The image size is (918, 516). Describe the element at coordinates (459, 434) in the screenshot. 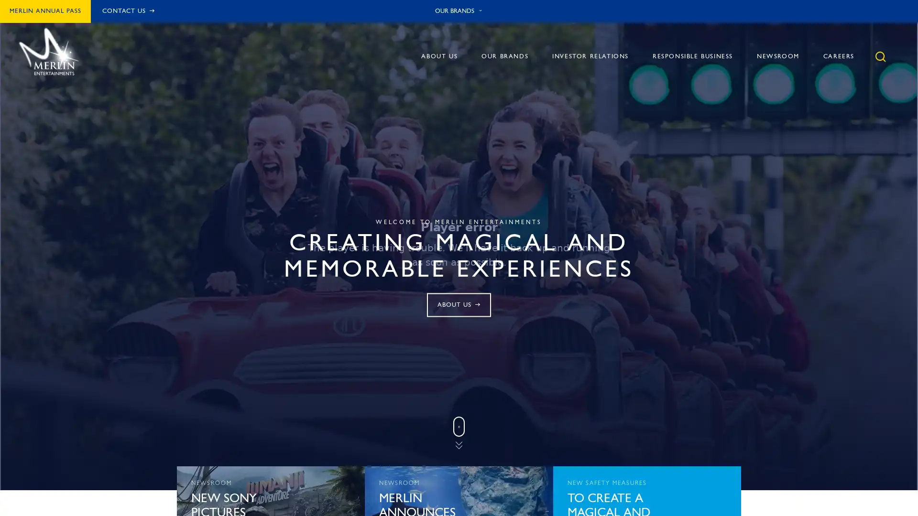

I see `wheel for scroll btn banner arrow for scroll banner arrow for scroll` at that location.